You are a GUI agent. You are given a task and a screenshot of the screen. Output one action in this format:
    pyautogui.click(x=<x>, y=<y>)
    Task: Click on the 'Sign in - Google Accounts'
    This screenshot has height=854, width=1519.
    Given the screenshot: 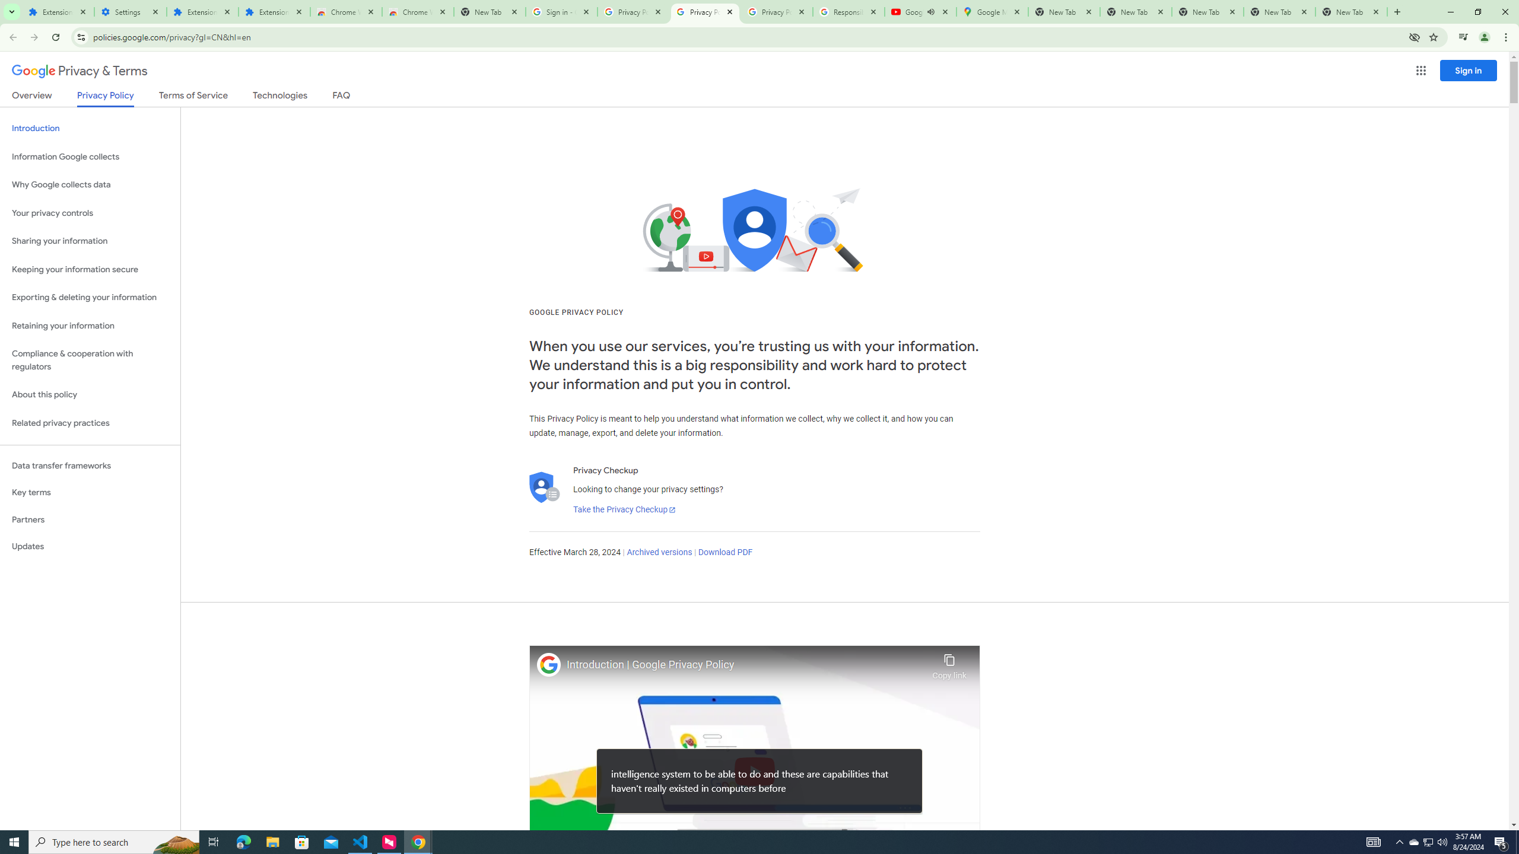 What is the action you would take?
    pyautogui.click(x=561, y=11)
    